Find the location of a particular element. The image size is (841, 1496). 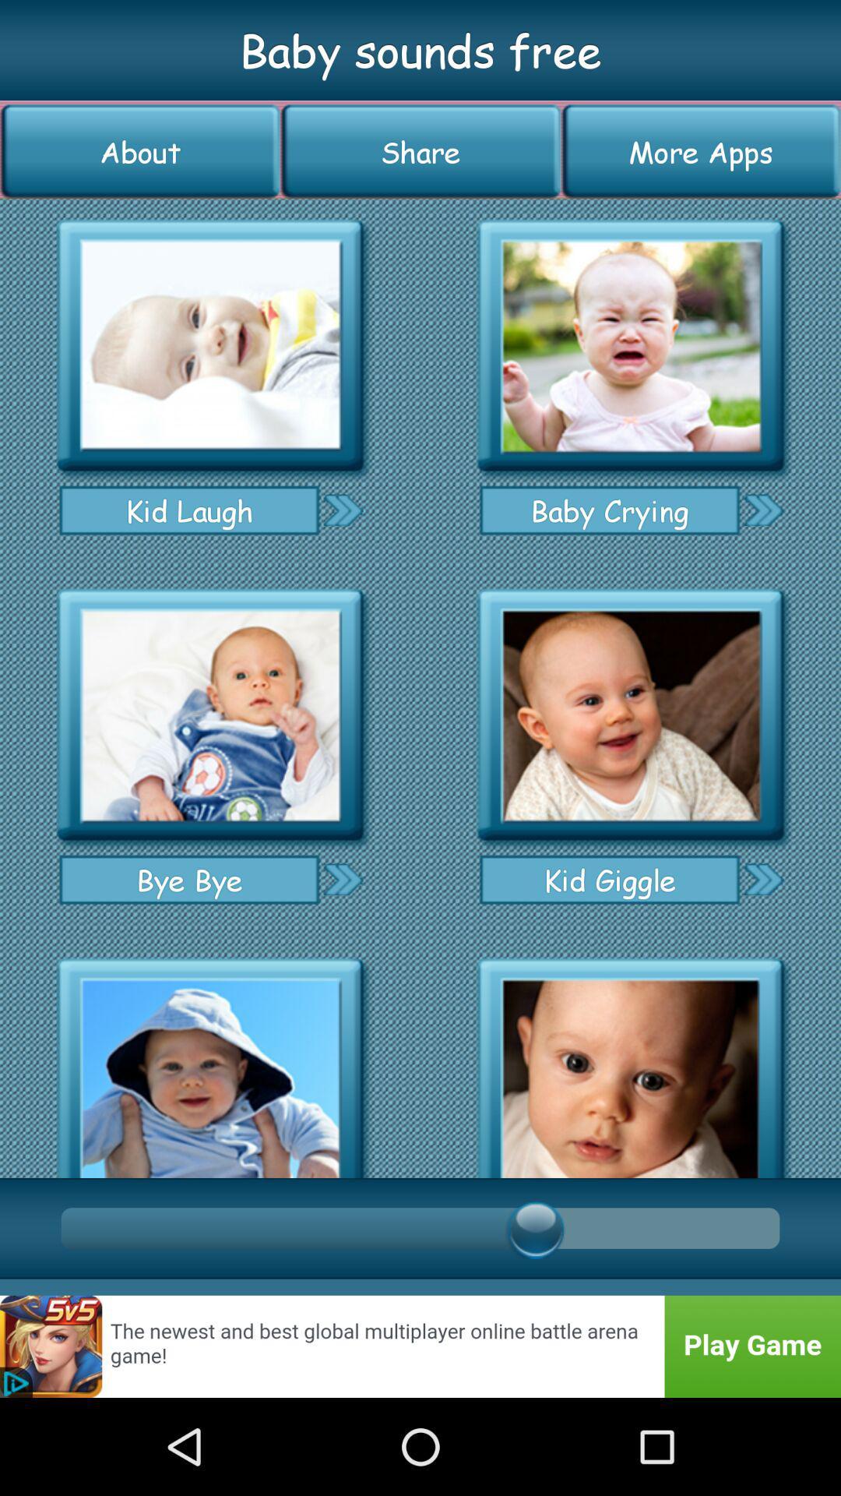

app advertisement option is located at coordinates (631, 714).